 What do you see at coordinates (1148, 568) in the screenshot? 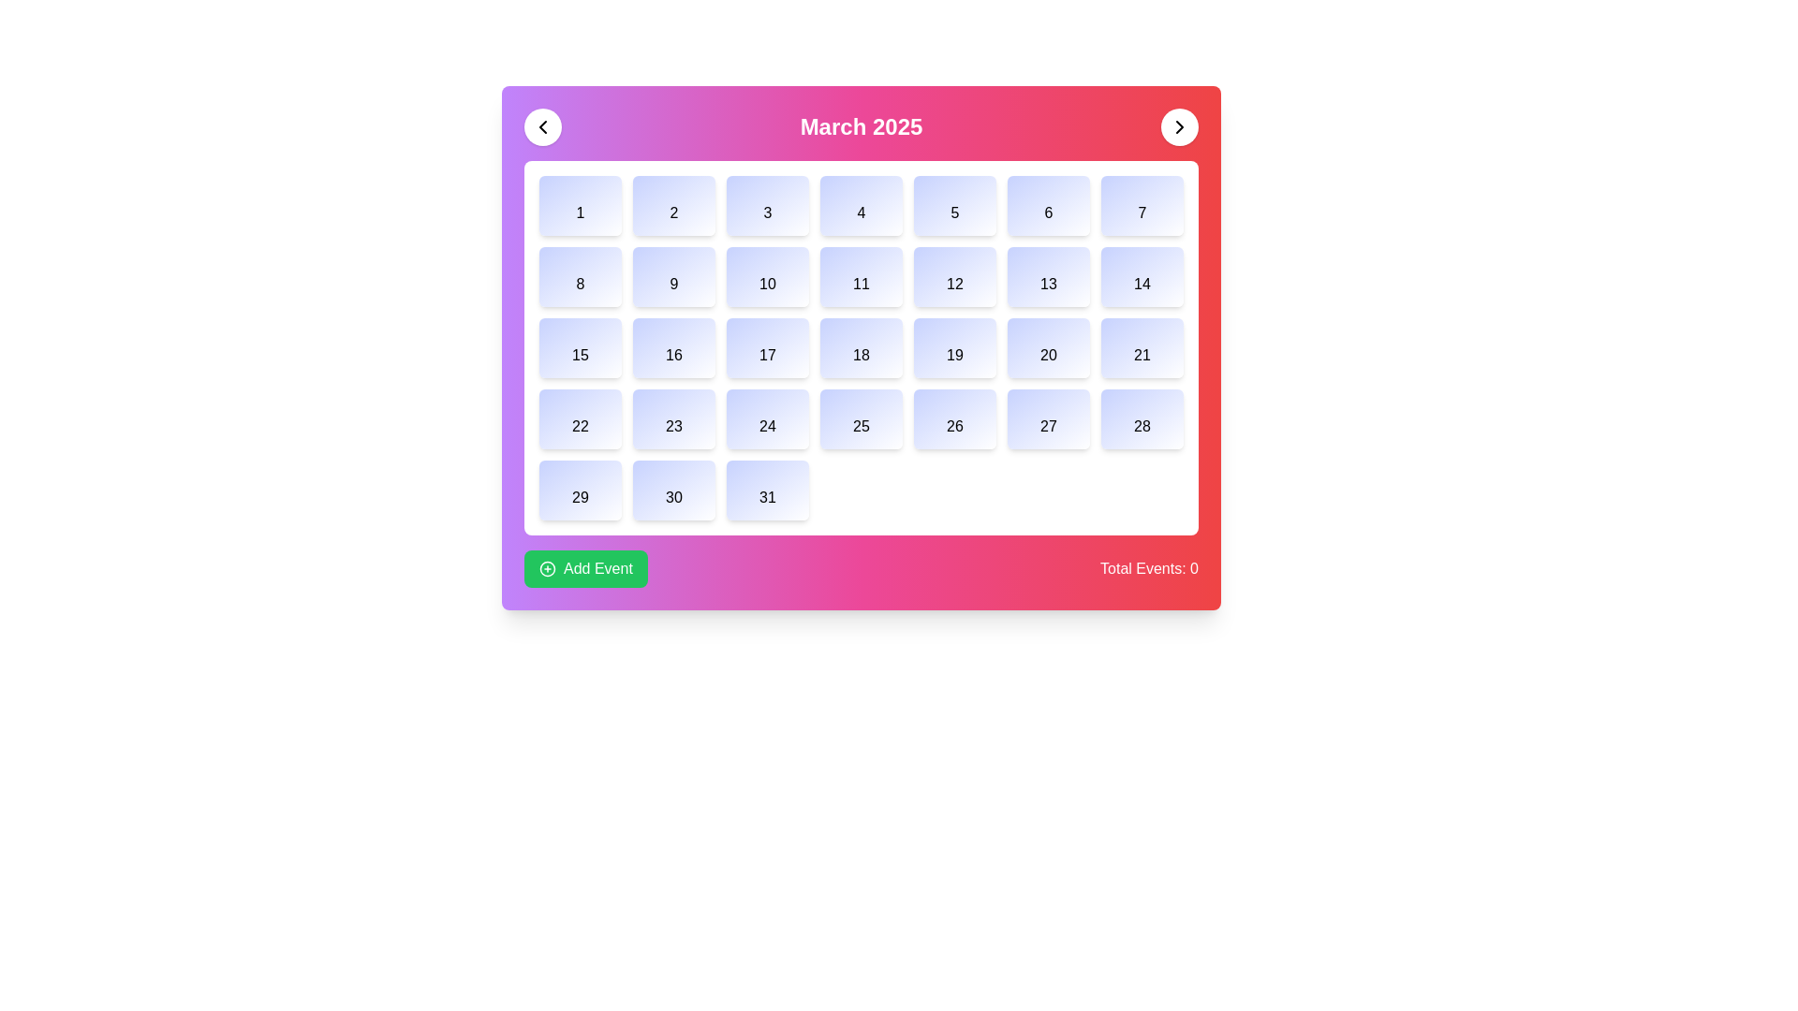
I see `the Text Display showing 'Total Events: 0' on the red button located at the bottom-right corner of the calendar interface` at bounding box center [1148, 568].